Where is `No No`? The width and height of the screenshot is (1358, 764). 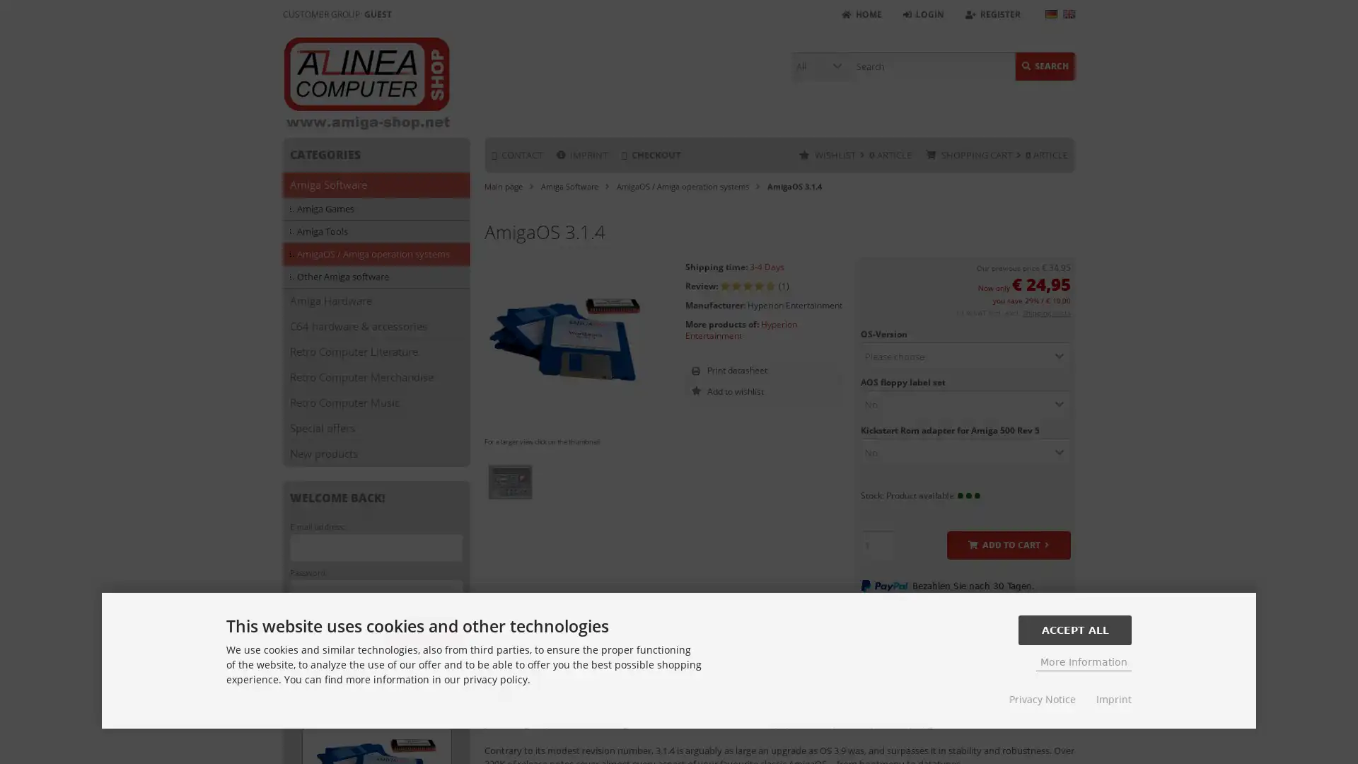 No No is located at coordinates (964, 453).